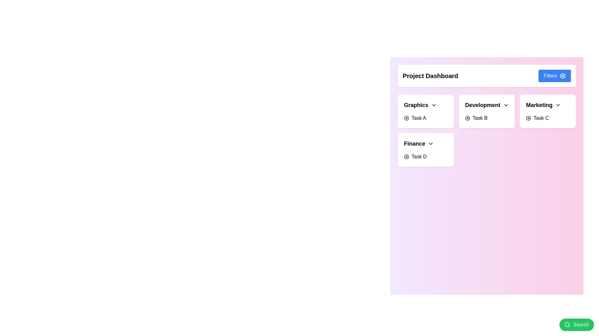 The image size is (599, 336). Describe the element at coordinates (467, 118) in the screenshot. I see `the circular vector graphic component associated with 'Task B' located within the 'Development' card on the dashboard` at that location.